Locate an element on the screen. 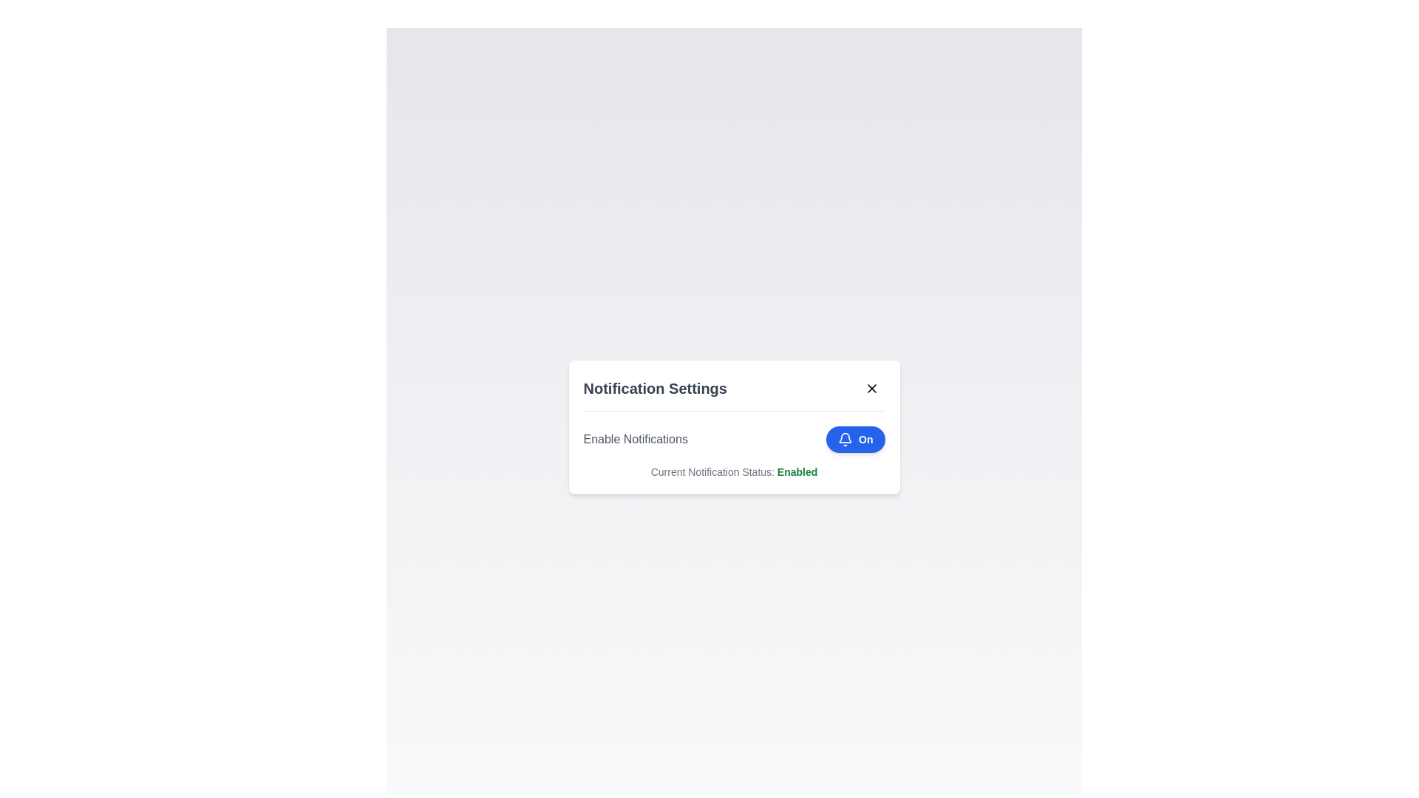 This screenshot has width=1419, height=798. the dismiss button located at the top-right corner of the notification settings modal is located at coordinates (871, 387).